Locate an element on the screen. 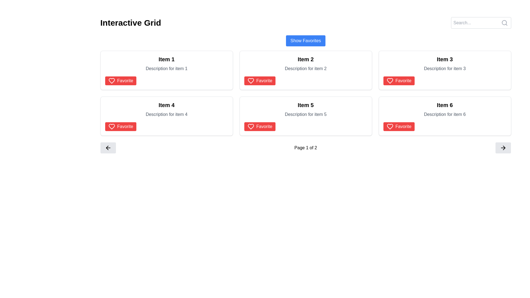  static text label indicating the current pagination state, which is located at the bottom of the layout and is horizontally centered is located at coordinates (305, 148).